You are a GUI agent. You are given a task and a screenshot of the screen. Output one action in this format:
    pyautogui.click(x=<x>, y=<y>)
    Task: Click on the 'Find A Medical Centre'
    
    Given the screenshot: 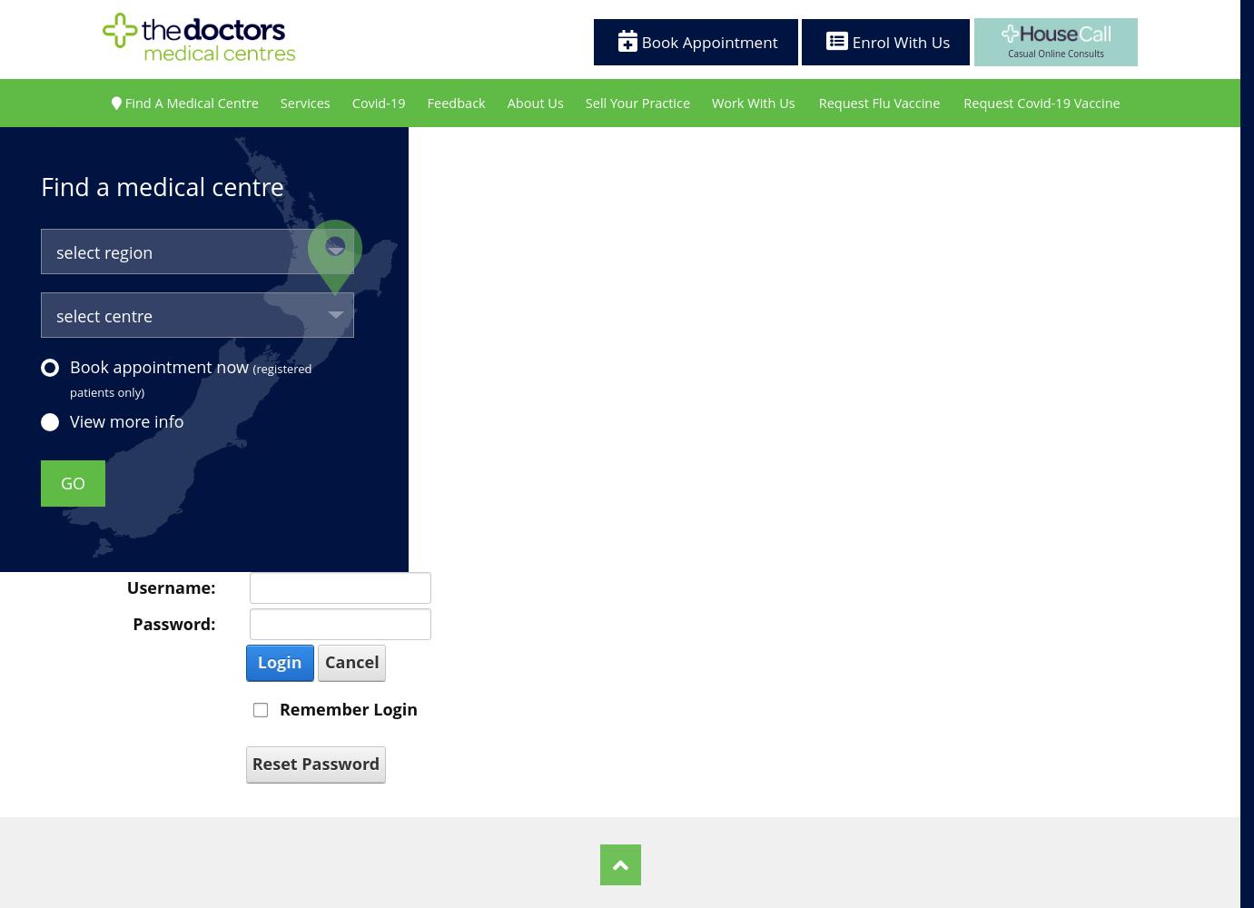 What is the action you would take?
    pyautogui.click(x=190, y=101)
    